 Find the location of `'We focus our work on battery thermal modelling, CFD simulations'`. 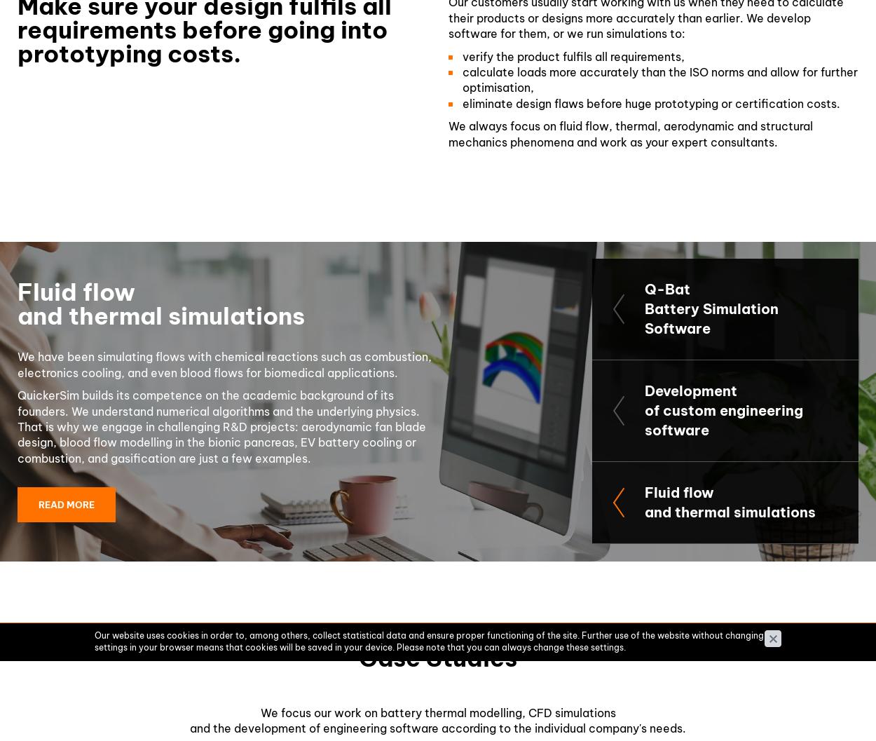

'We focus our work on battery thermal modelling, CFD simulations' is located at coordinates (259, 711).